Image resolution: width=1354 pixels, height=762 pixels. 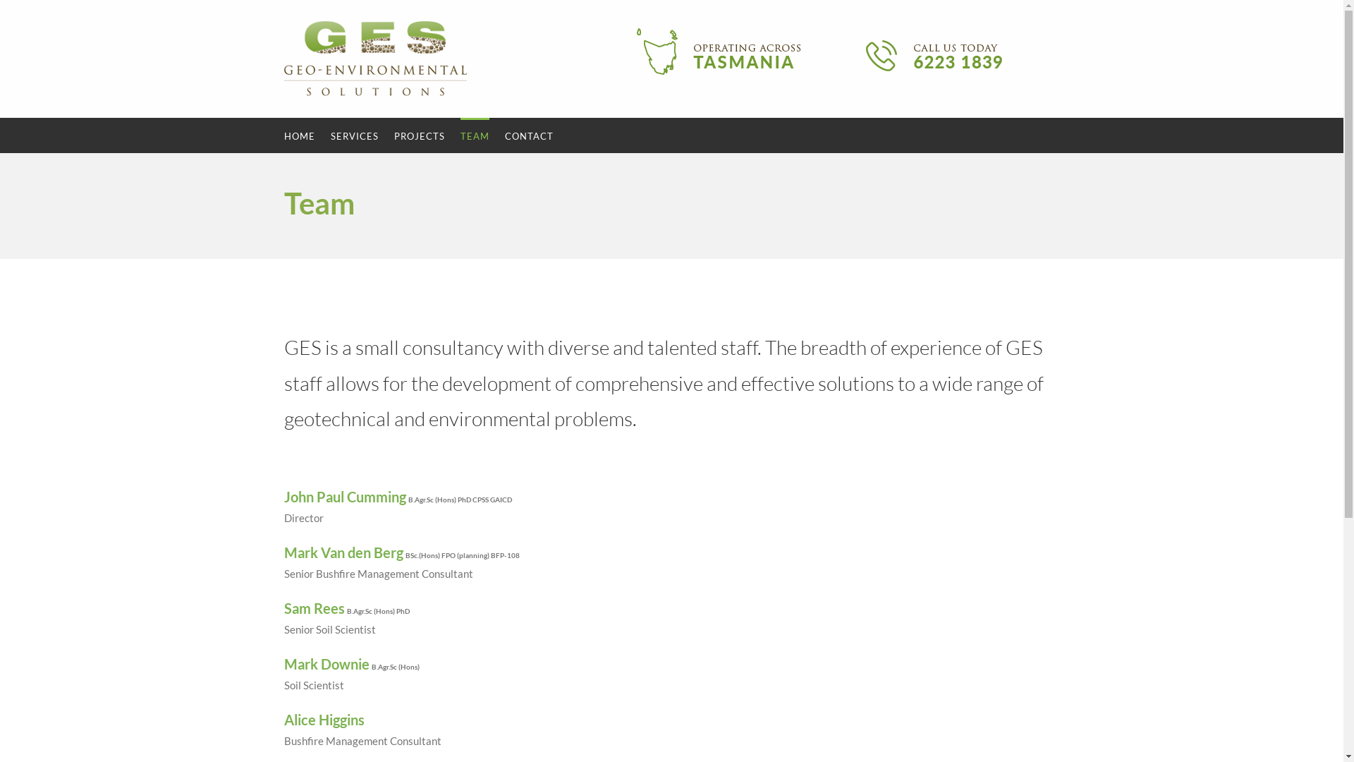 What do you see at coordinates (354, 135) in the screenshot?
I see `'SERVICES'` at bounding box center [354, 135].